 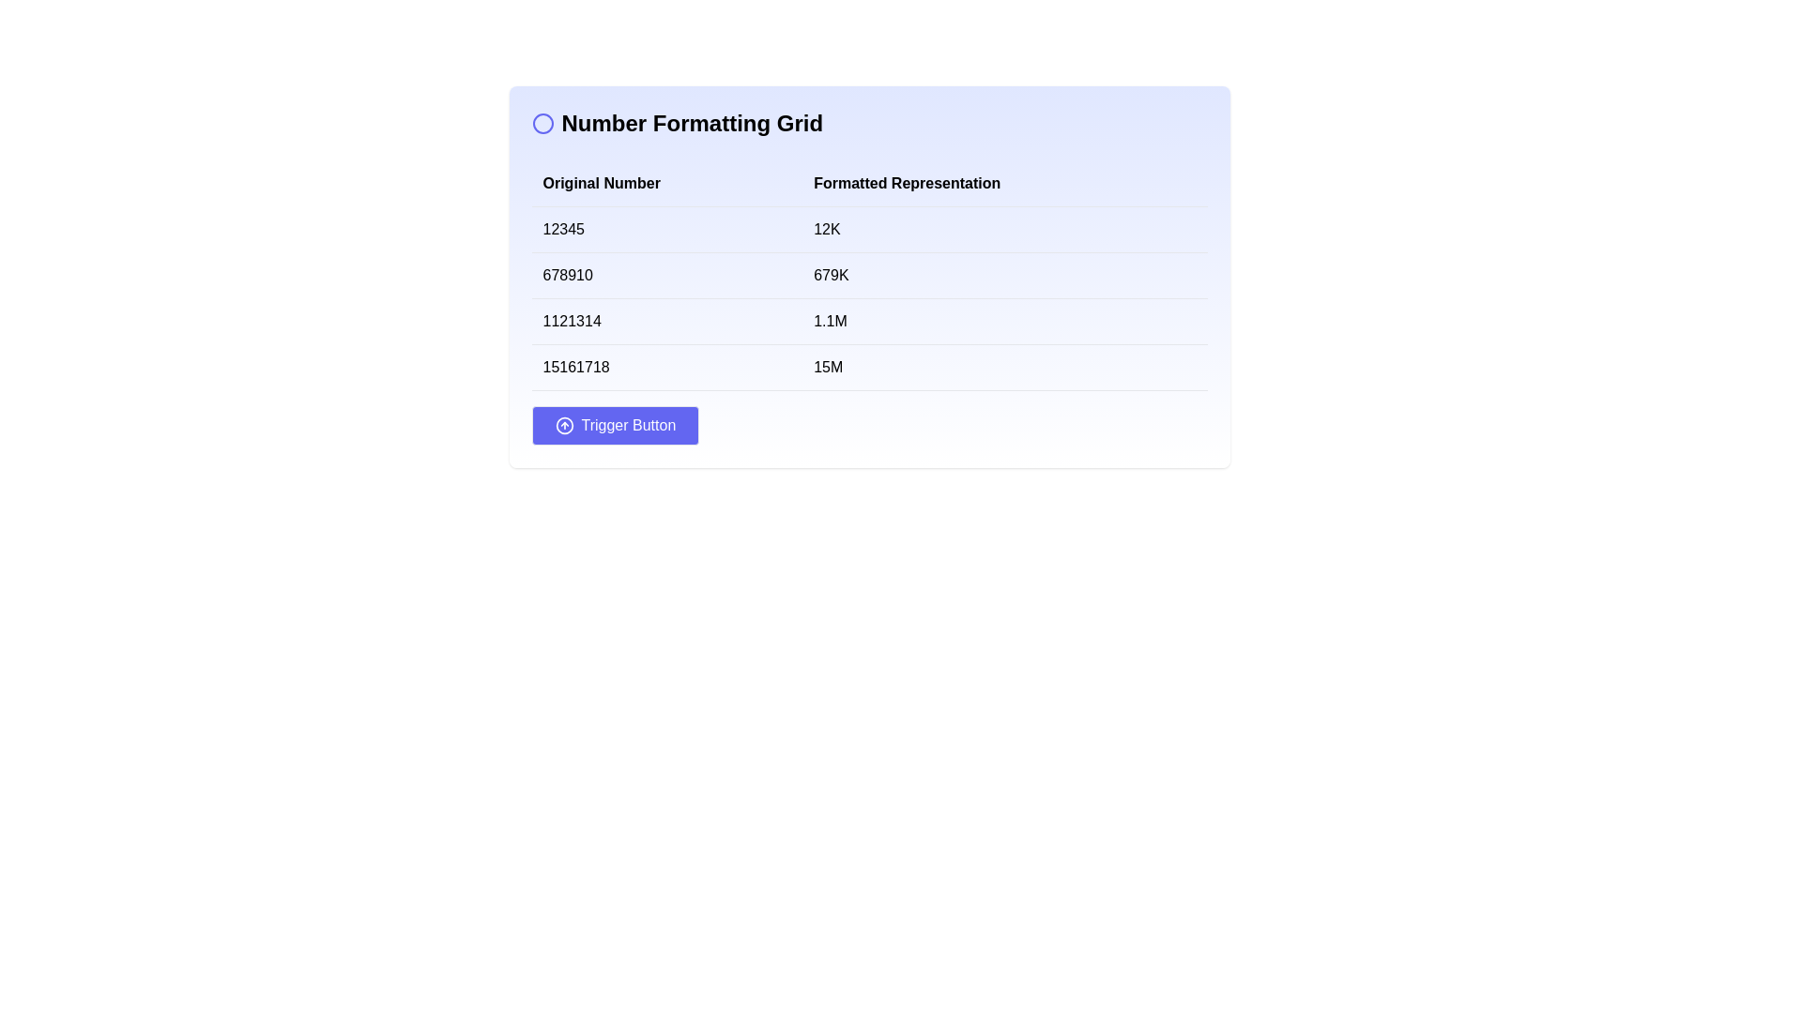 What do you see at coordinates (542, 123) in the screenshot?
I see `the decorative icon located to the immediate left of the 'Number Formatting Grid' heading` at bounding box center [542, 123].